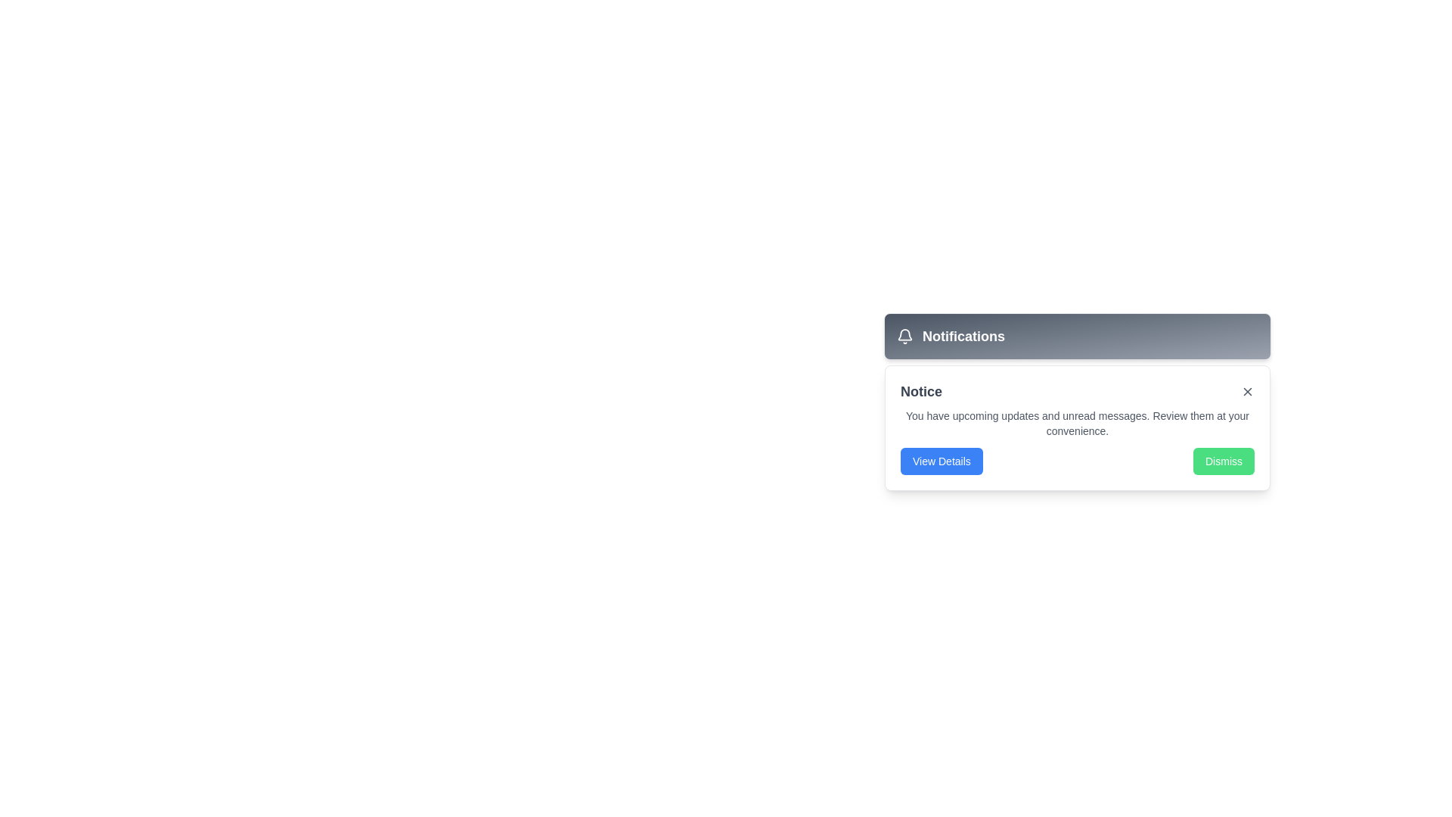 This screenshot has width=1452, height=817. Describe the element at coordinates (920, 390) in the screenshot. I see `the Text Label at the top-left corner of the notification card, which indicates the purpose of the notification content` at that location.